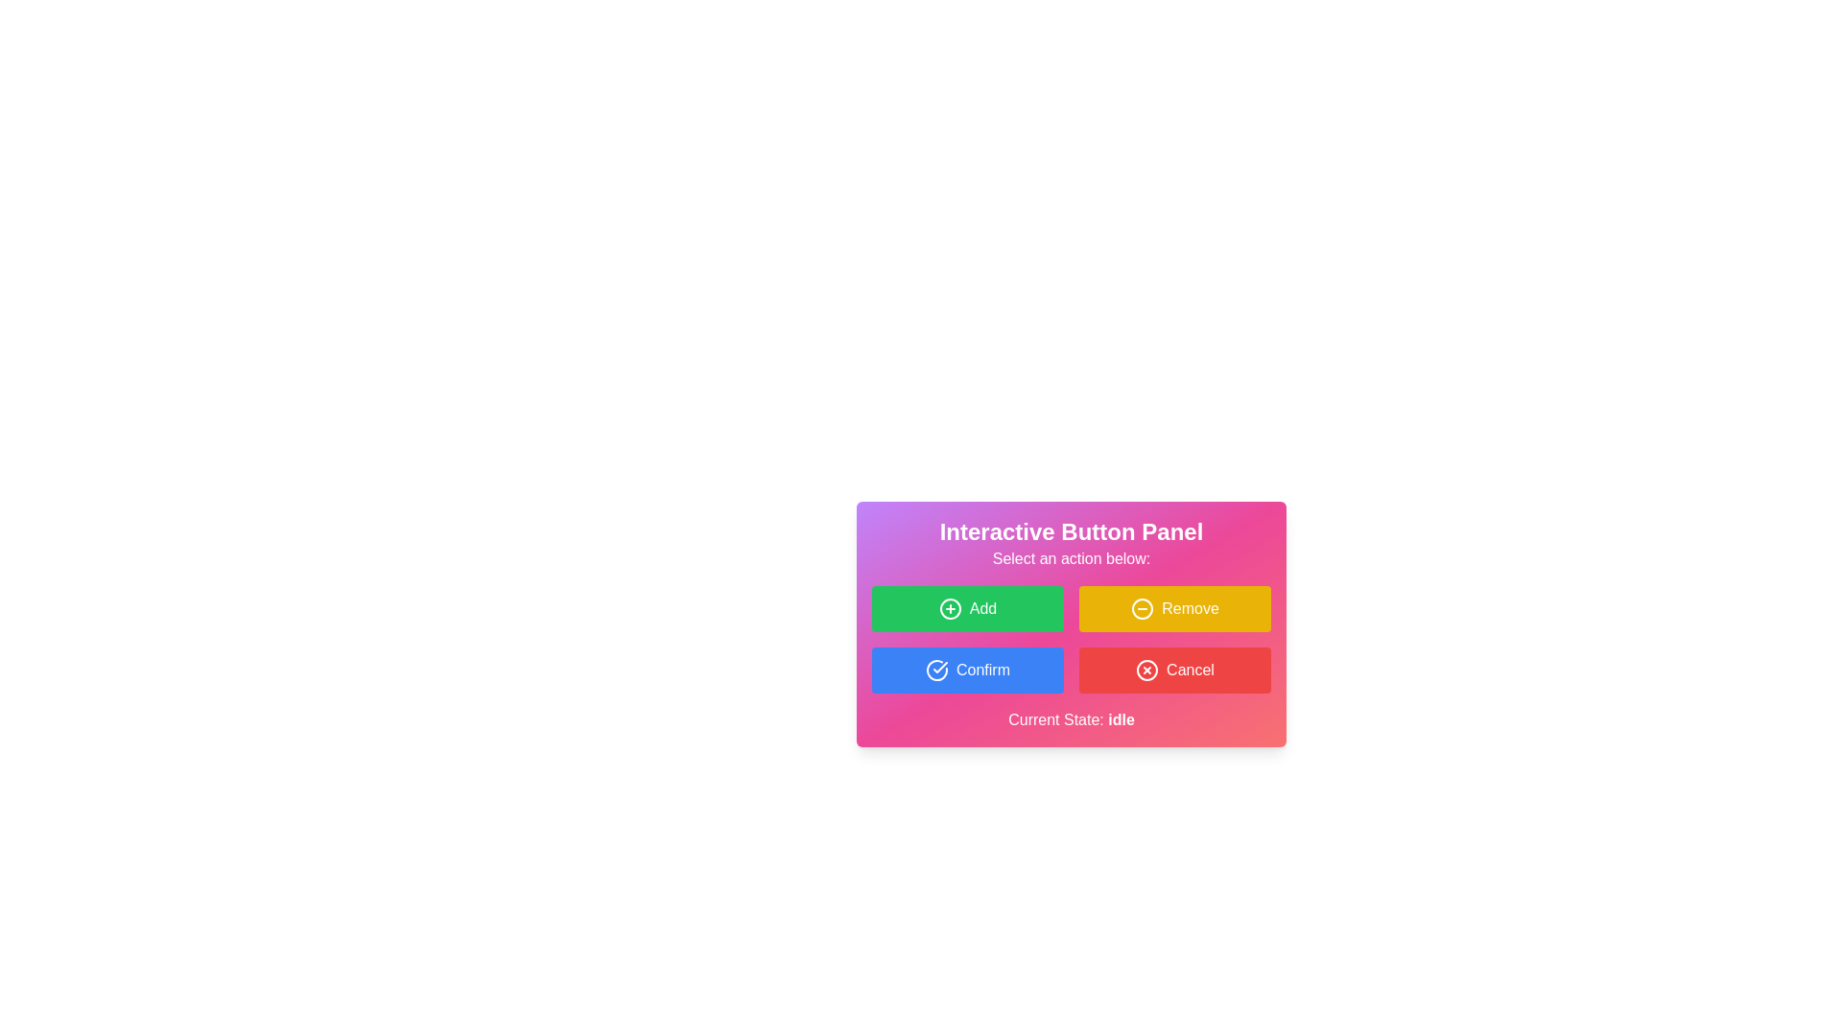  What do you see at coordinates (936, 669) in the screenshot?
I see `the checkmark icon within the 'Confirm' button located in the bottom-left area of the panel` at bounding box center [936, 669].